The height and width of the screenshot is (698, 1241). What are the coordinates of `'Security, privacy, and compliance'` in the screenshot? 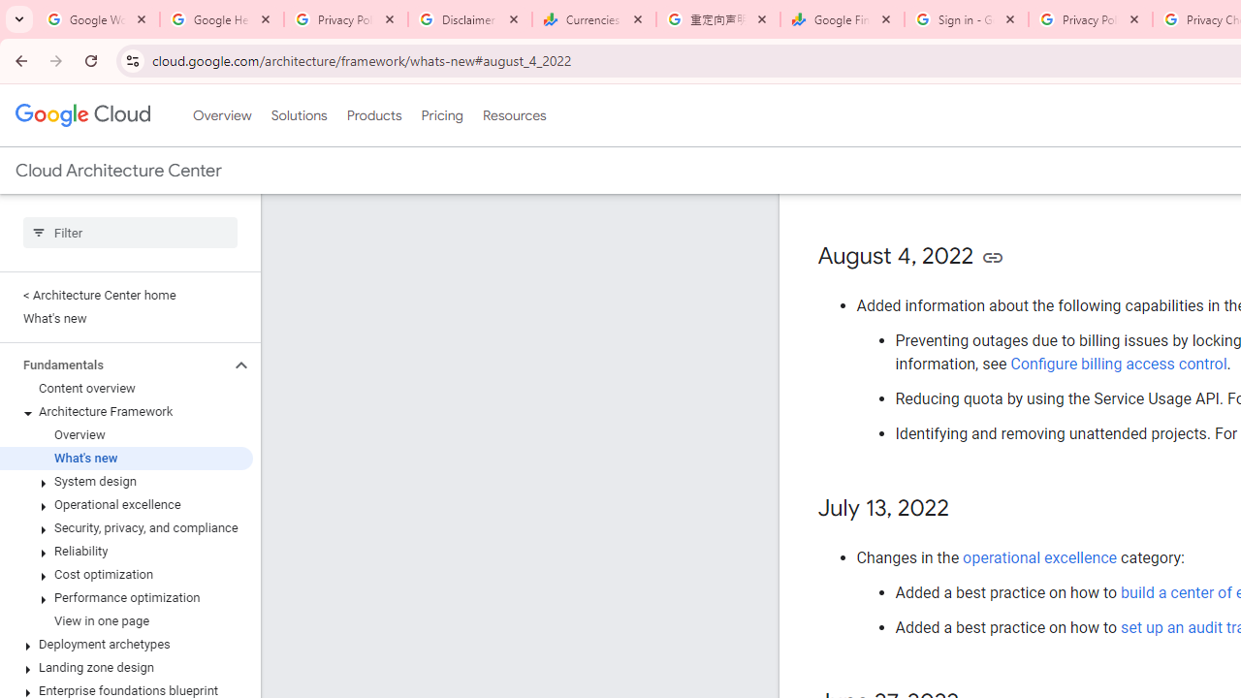 It's located at (125, 528).